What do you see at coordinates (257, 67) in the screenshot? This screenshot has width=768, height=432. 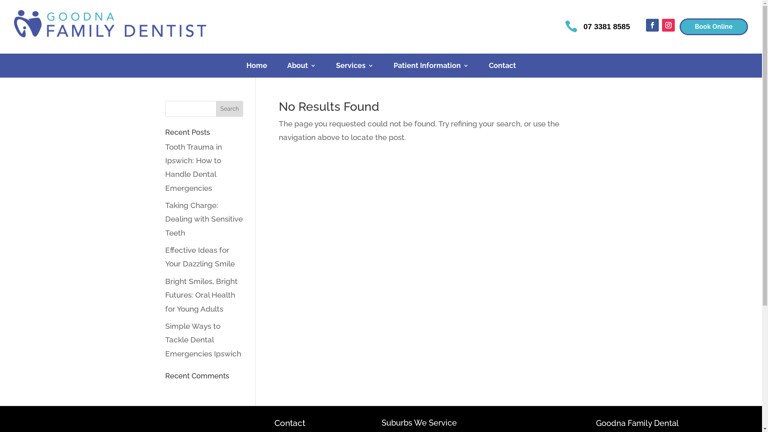 I see `'Home'` at bounding box center [257, 67].